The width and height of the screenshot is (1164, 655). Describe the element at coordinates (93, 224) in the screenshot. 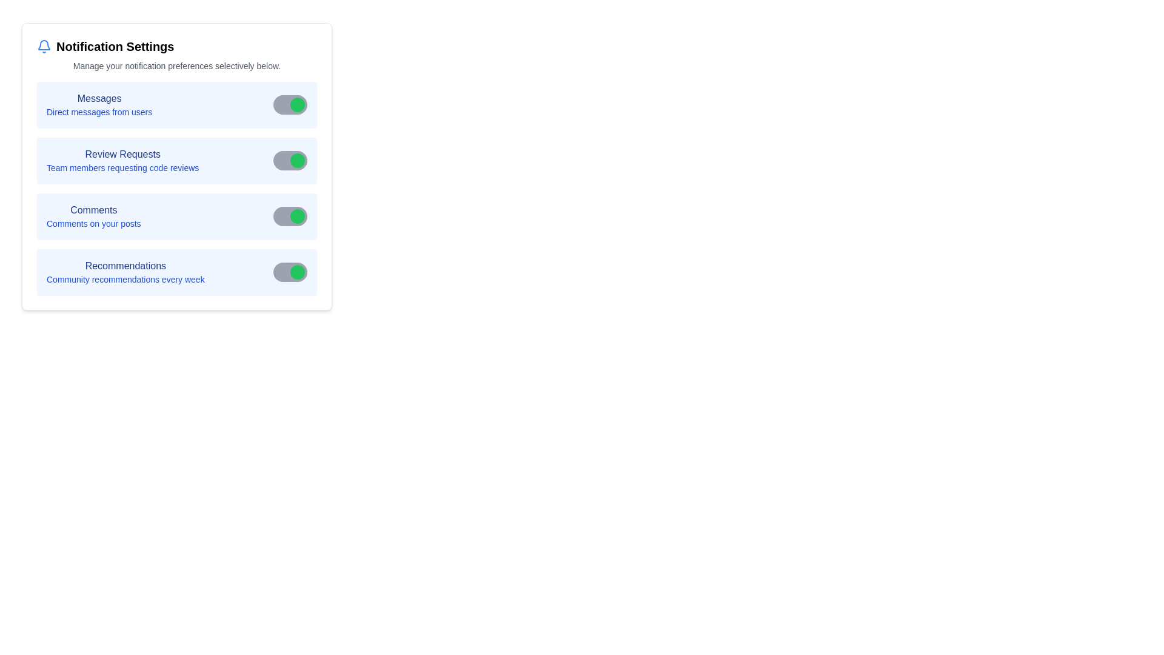

I see `the text label that says 'Comments on your posts', which is styled in a smaller font size and blue color, located below the larger text 'Comments' within a light blue background` at that location.